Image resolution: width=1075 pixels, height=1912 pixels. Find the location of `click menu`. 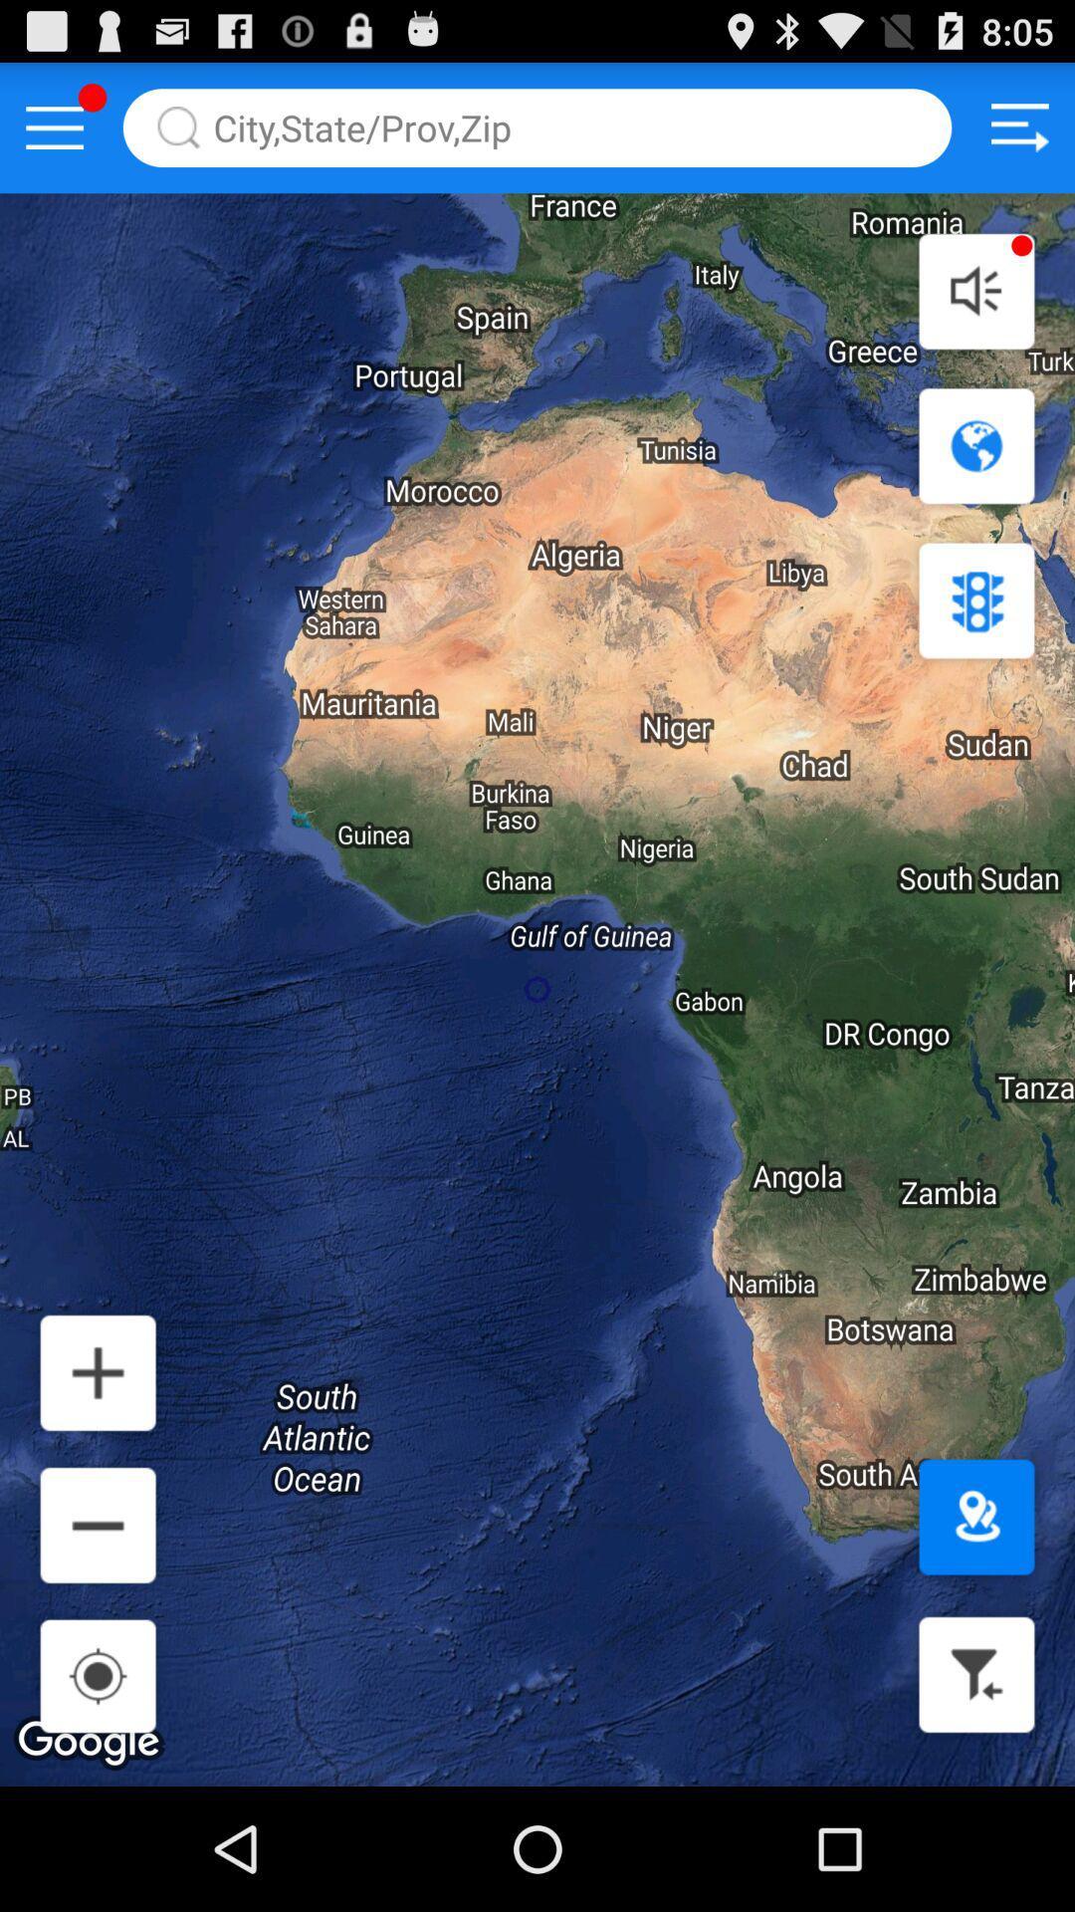

click menu is located at coordinates (54, 126).